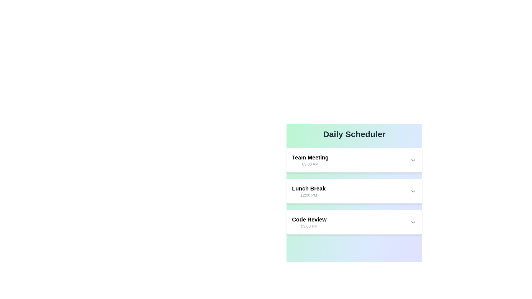 This screenshot has width=532, height=299. I want to click on the Text Label displaying the scheduled start time for the 'Team Meeting' located below the title in the 'Daily Scheduler' section, so click(310, 164).